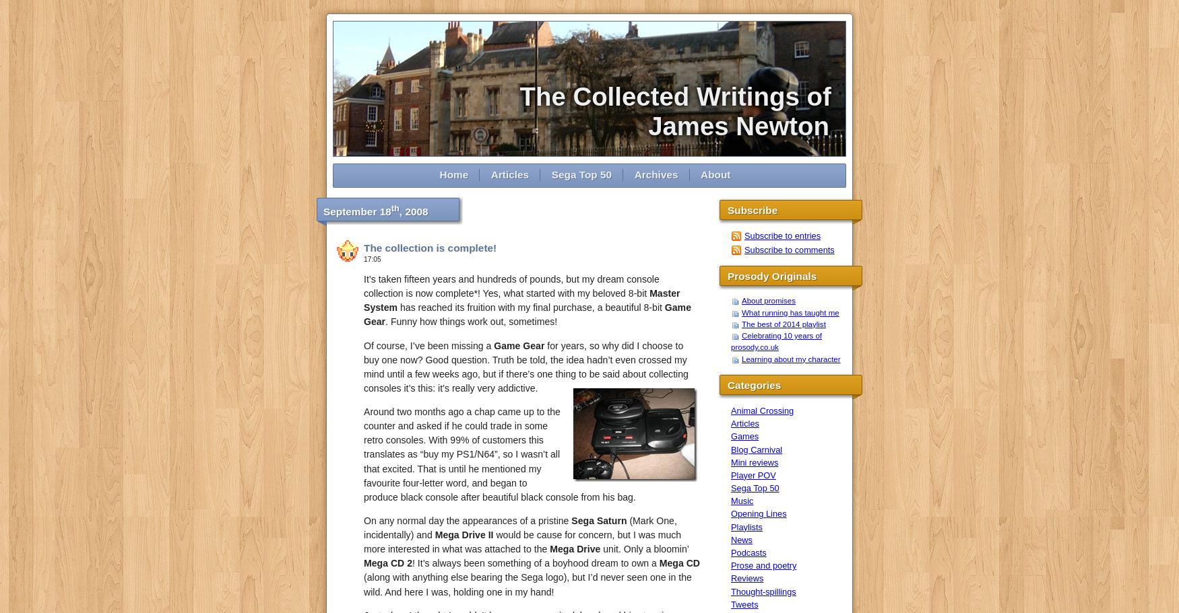  I want to click on 'The Collected Writings of', so click(682, 96).